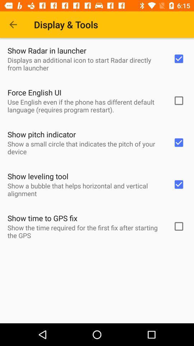 Image resolution: width=194 pixels, height=346 pixels. Describe the element at coordinates (38, 176) in the screenshot. I see `the show leveling tool icon` at that location.